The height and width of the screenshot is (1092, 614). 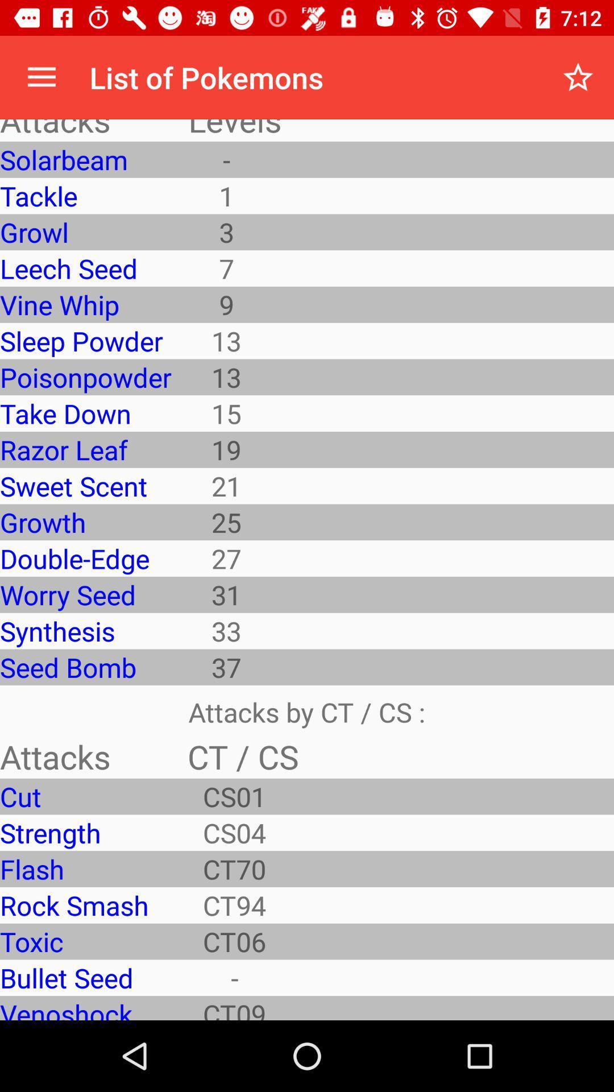 I want to click on the item above venoshock app, so click(x=85, y=977).